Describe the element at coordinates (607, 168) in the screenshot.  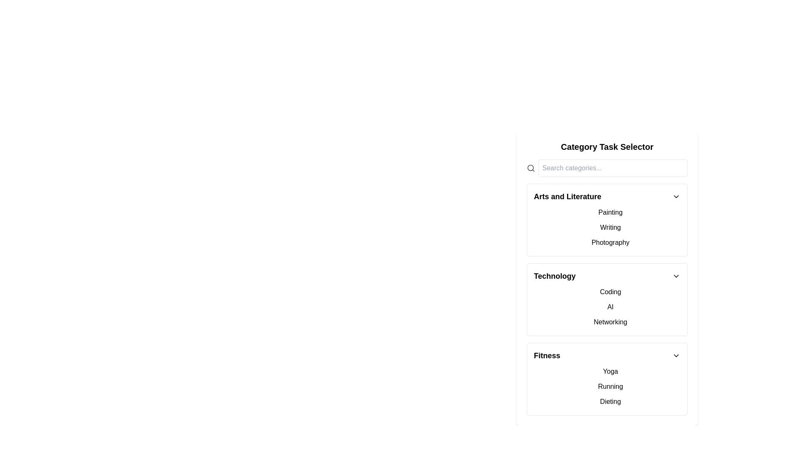
I see `the search input field located immediately below the title 'Category Task Selector' to focus on it` at that location.